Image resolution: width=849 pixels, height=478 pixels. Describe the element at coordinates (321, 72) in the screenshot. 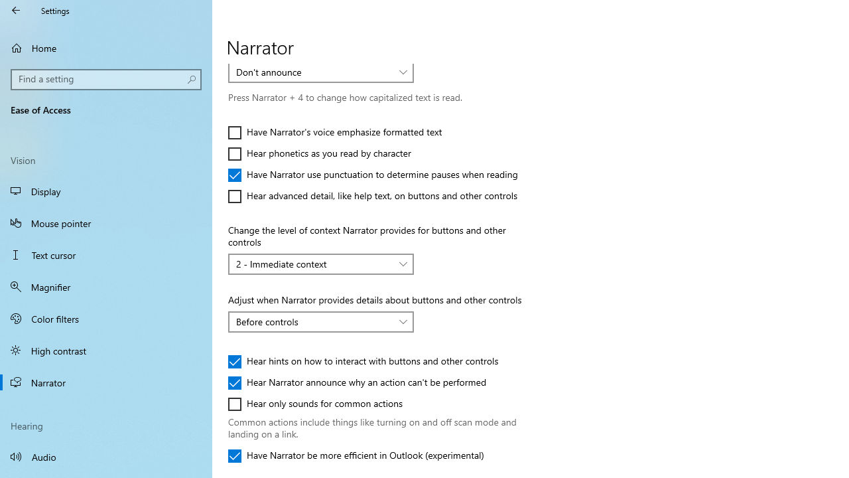

I see `'Change how capitalized text is read'` at that location.